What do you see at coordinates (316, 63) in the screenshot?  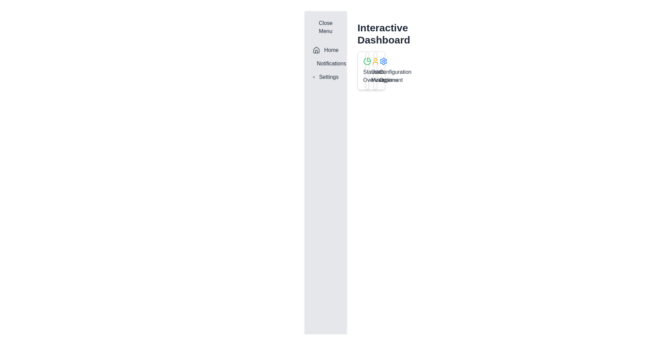 I see `the bell-shaped notification icon located in the sidebar, which is styled with a gray line color and positioned between the 'Home' and 'Settings' items` at bounding box center [316, 63].